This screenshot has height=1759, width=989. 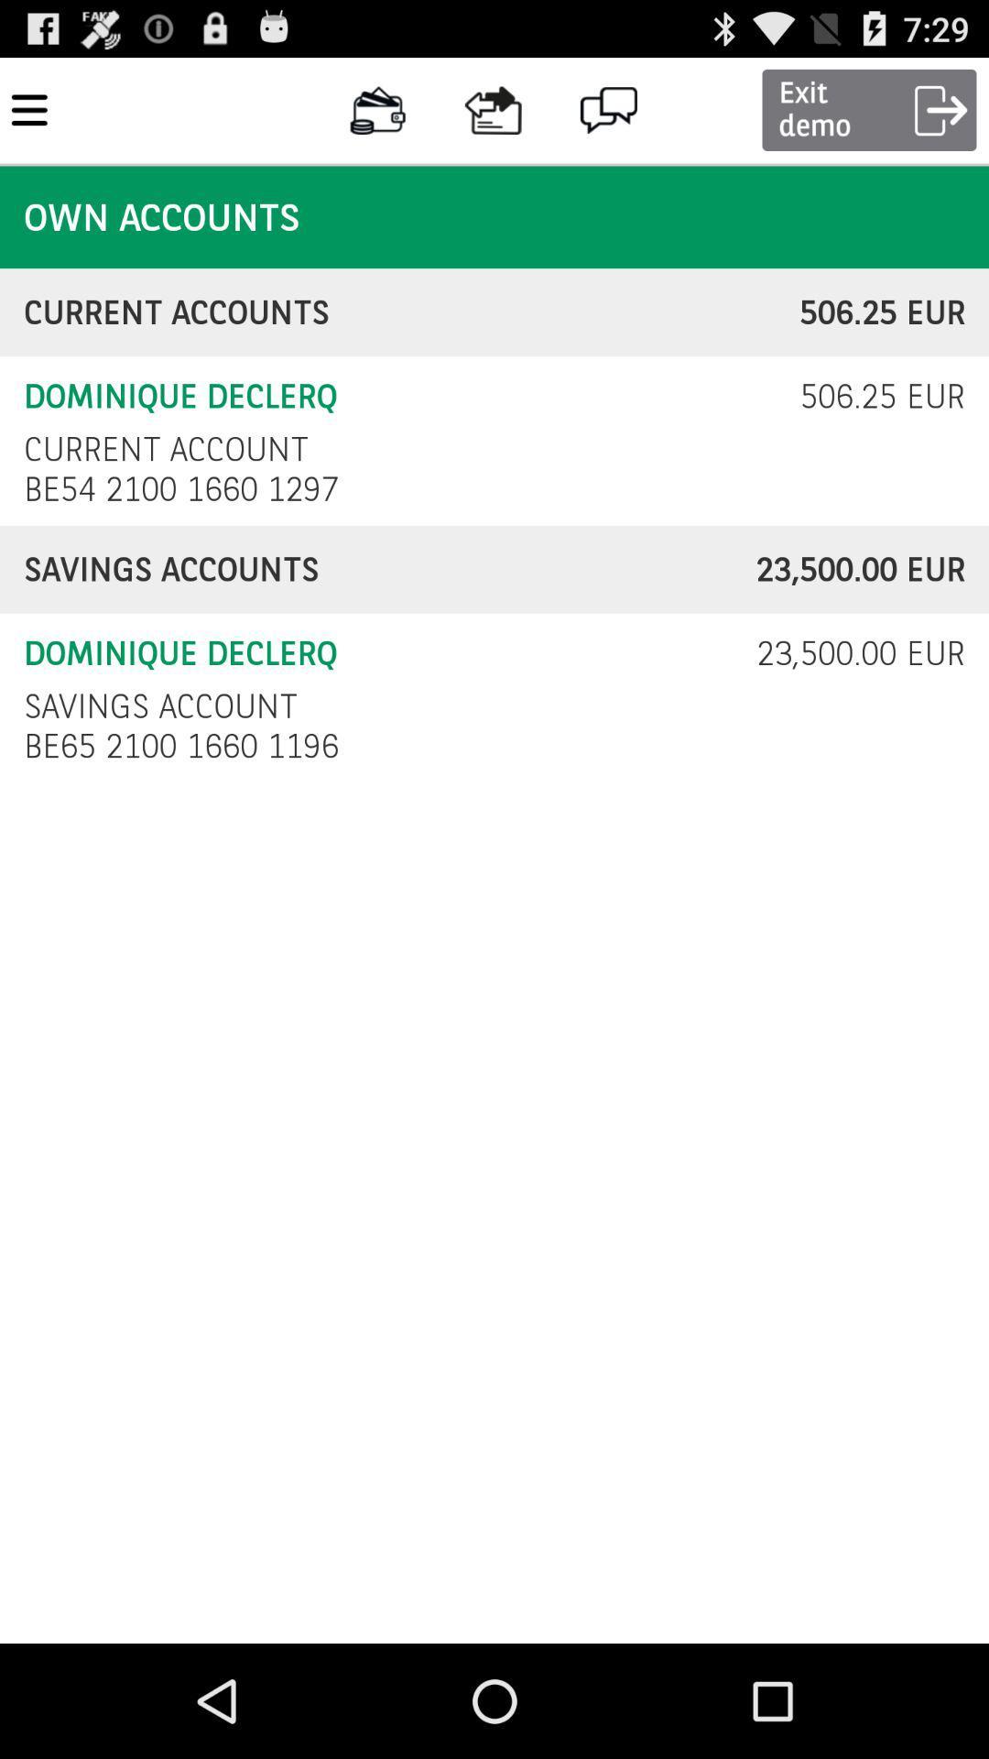 What do you see at coordinates (186, 488) in the screenshot?
I see `item above the savings accounts icon` at bounding box center [186, 488].